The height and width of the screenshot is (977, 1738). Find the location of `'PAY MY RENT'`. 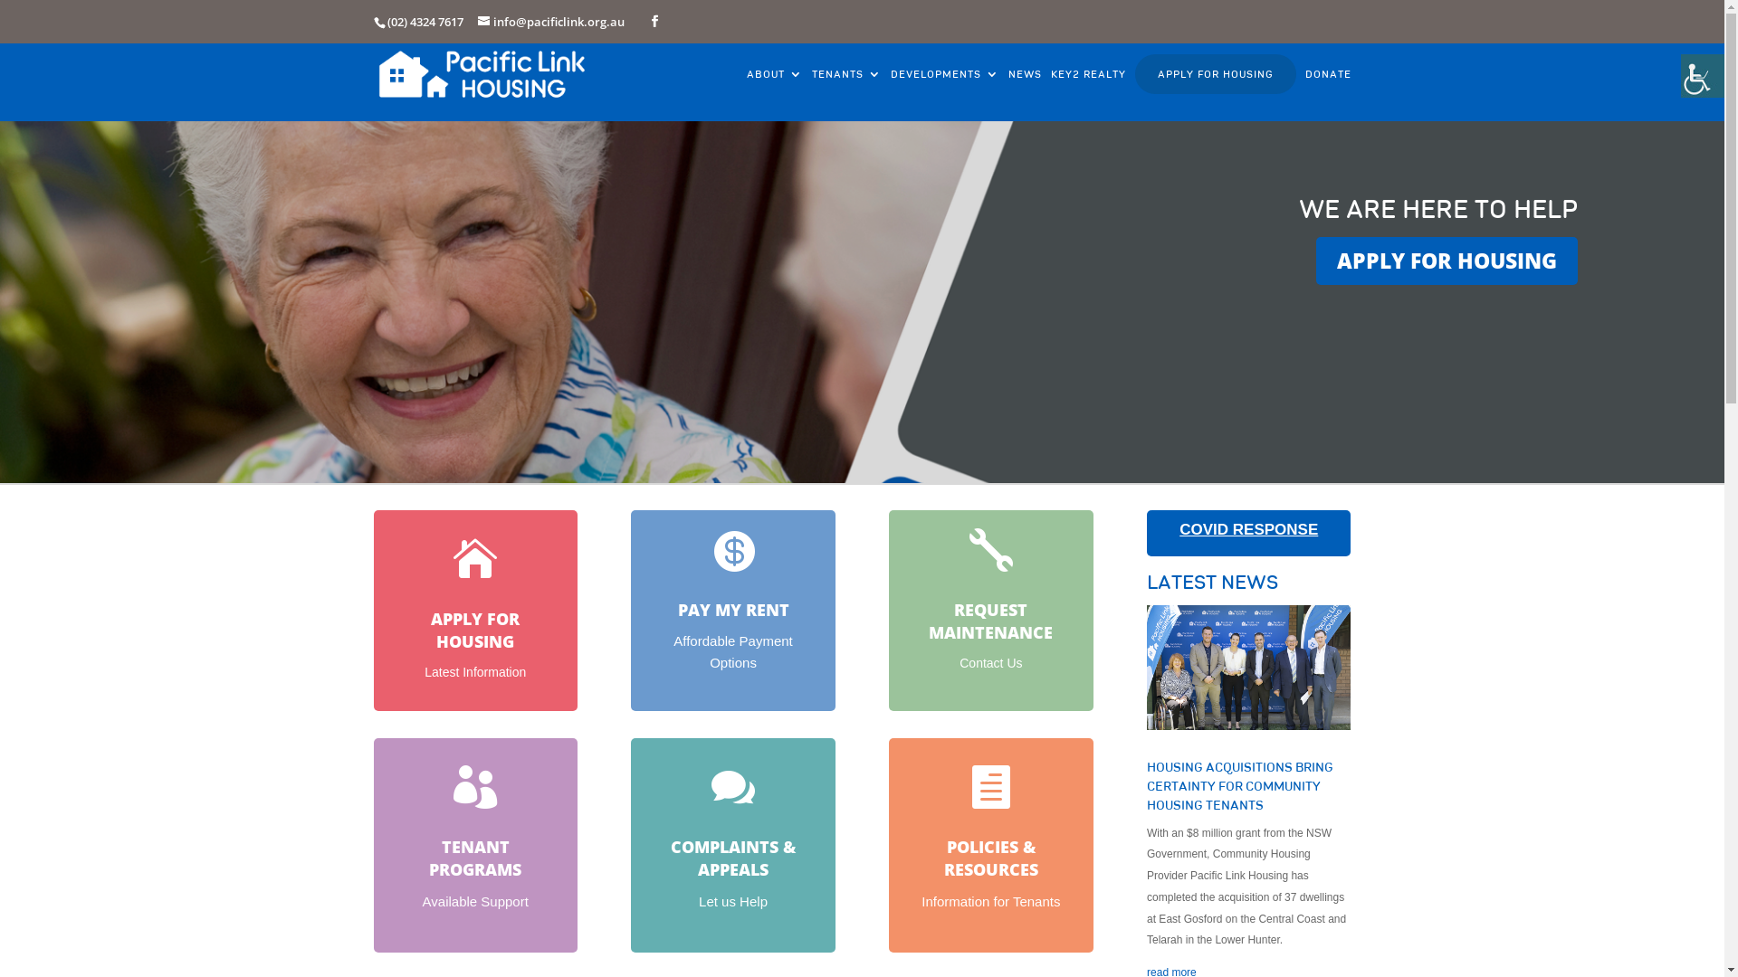

'PAY MY RENT' is located at coordinates (733, 610).